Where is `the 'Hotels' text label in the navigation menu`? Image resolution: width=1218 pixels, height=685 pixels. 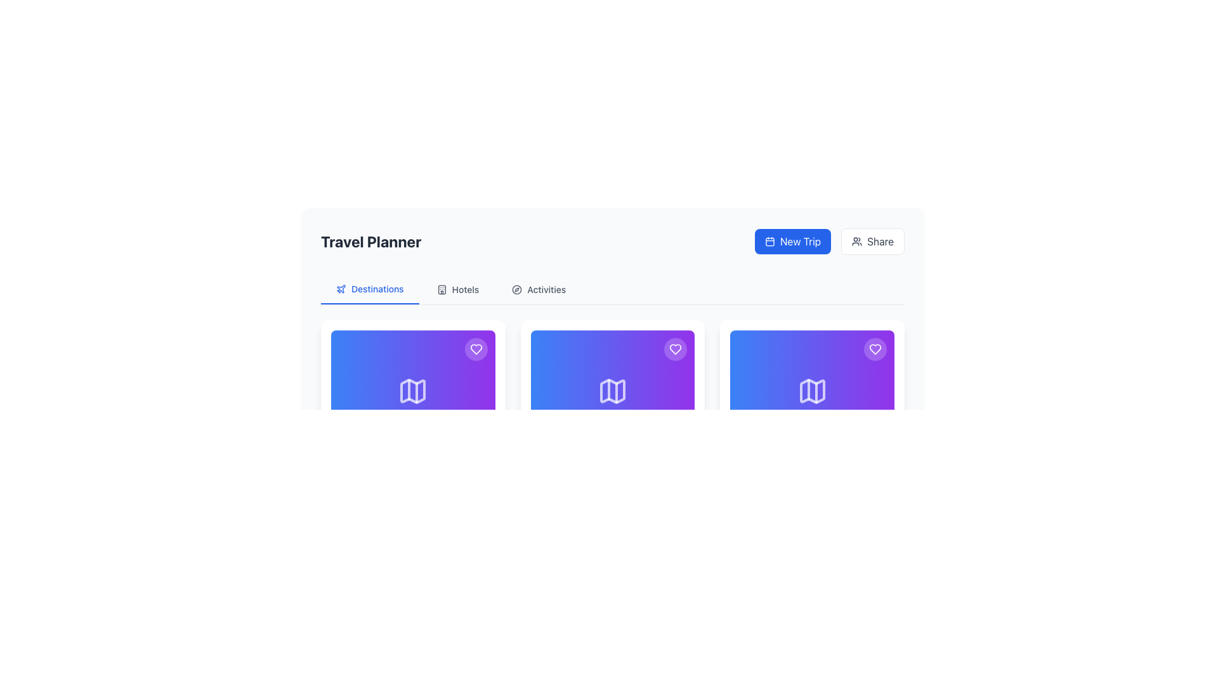
the 'Hotels' text label in the navigation menu is located at coordinates (465, 289).